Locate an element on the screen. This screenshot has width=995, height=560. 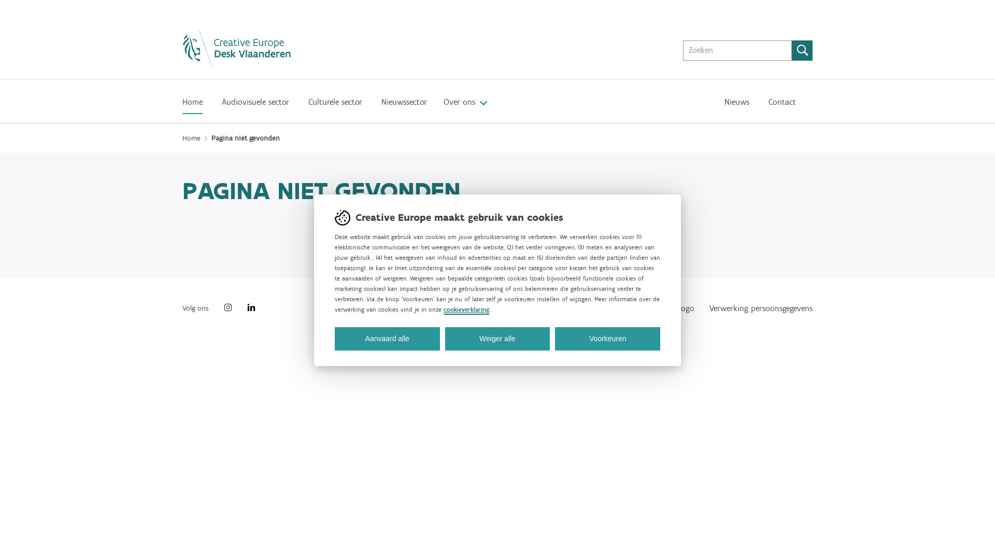
'cookieverklaring' is located at coordinates (466, 310).